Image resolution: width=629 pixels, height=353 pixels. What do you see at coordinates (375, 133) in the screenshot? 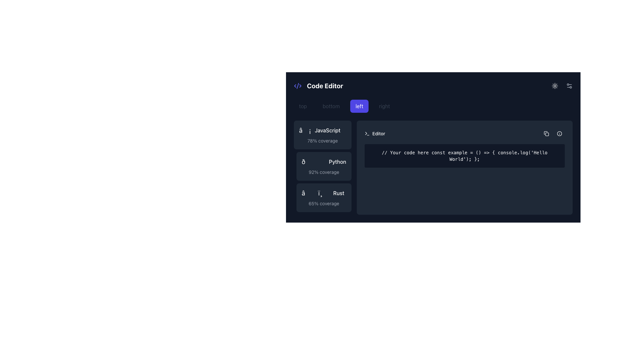
I see `label 'Editor' displayed alongside the terminal icon in the top-right section of the interface` at bounding box center [375, 133].